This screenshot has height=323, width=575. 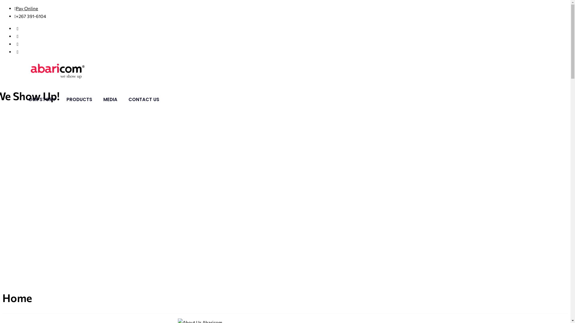 What do you see at coordinates (41, 99) in the screenshot?
I see `'OUR STORY'` at bounding box center [41, 99].